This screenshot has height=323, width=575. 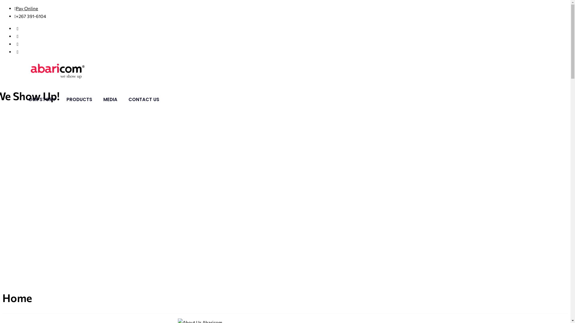 What do you see at coordinates (41, 99) in the screenshot?
I see `'OUR STORY'` at bounding box center [41, 99].